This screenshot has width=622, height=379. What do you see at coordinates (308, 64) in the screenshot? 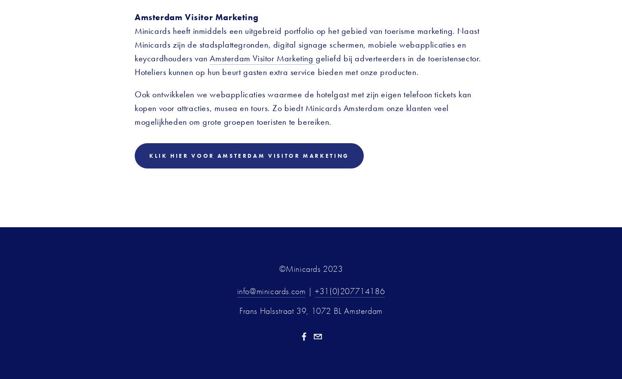
I see `'geliefd bij adverteerders in de toeristensector. Hoteliers kunnen op hun beurt gasten extra service bieden met onze producten.'` at bounding box center [308, 64].